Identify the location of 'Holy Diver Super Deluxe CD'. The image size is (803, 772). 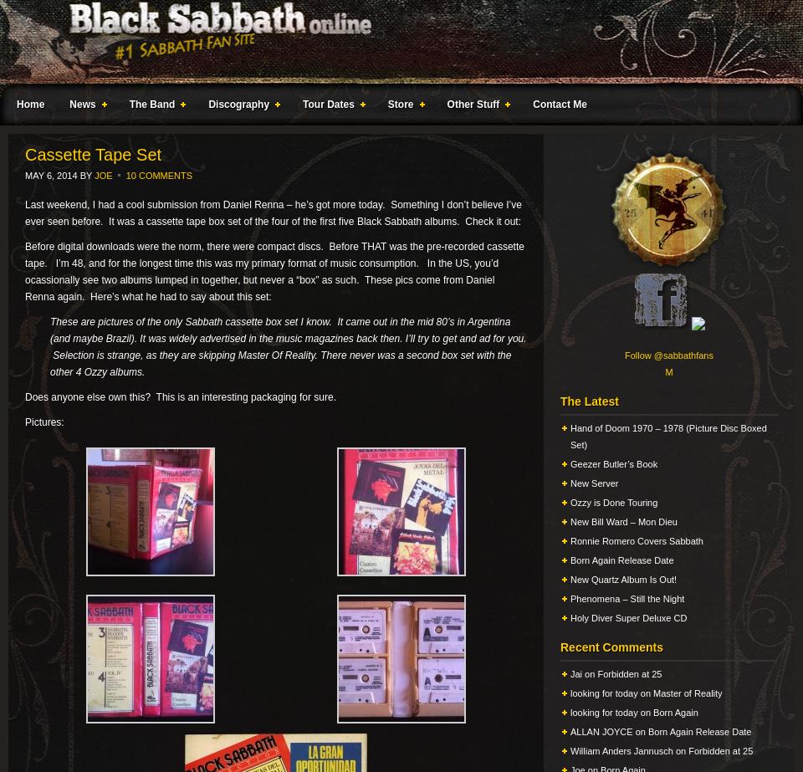
(627, 617).